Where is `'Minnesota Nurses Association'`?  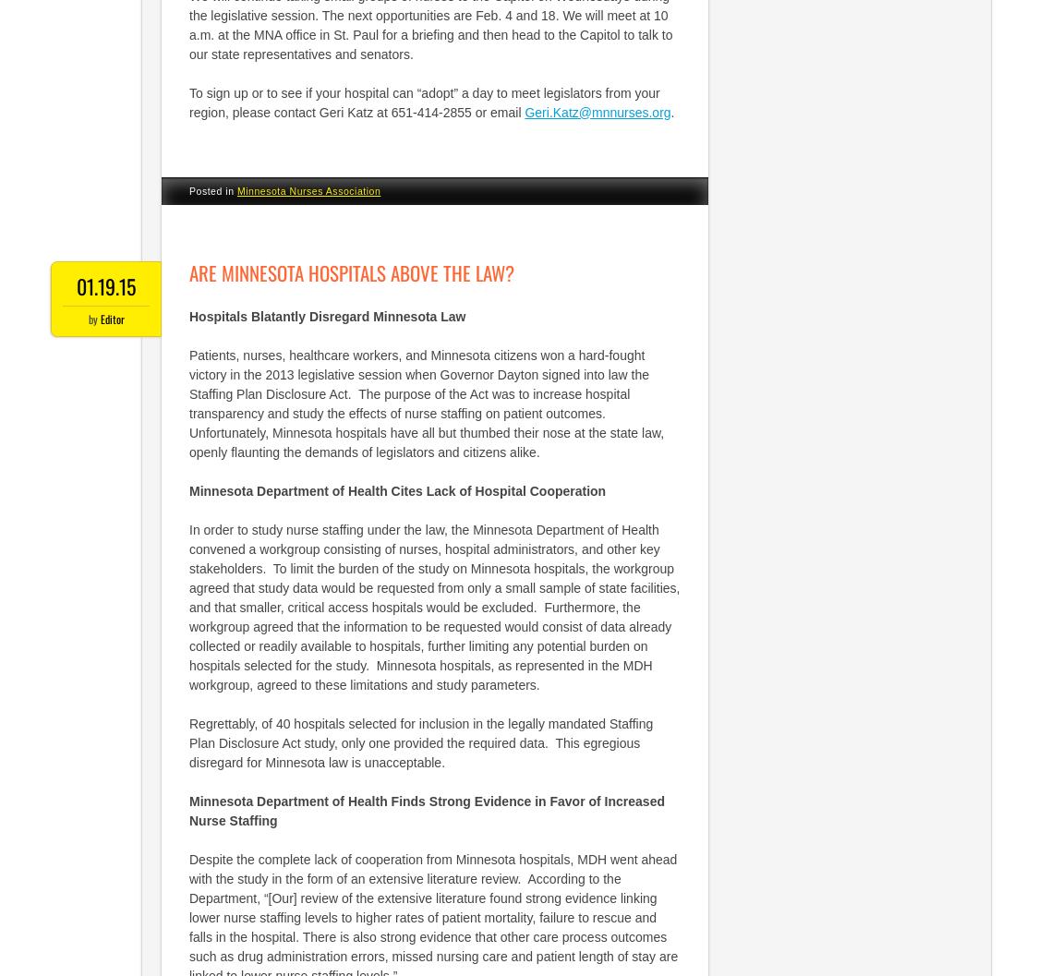
'Minnesota Nurses Association' is located at coordinates (308, 190).